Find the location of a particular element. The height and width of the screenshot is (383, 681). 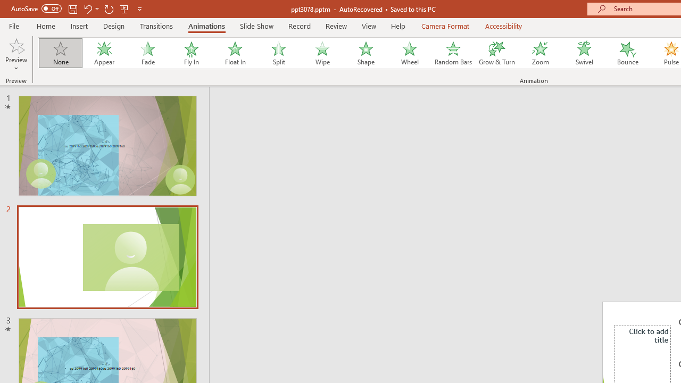

'Grow & Turn' is located at coordinates (496, 53).